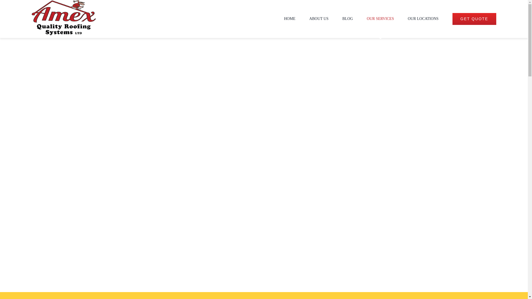 The width and height of the screenshot is (532, 299). What do you see at coordinates (319, 19) in the screenshot?
I see `'ABOUT US'` at bounding box center [319, 19].